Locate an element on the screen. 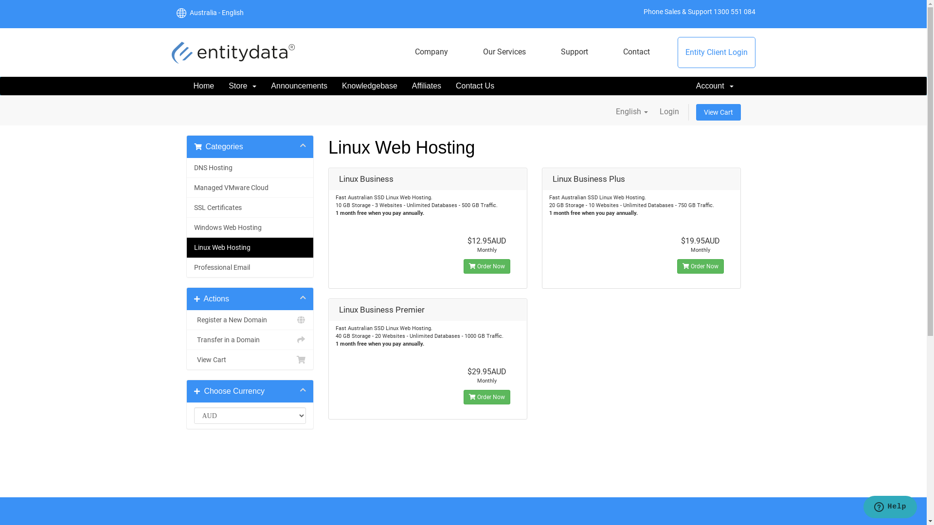 This screenshot has height=525, width=934. 'Store  ' is located at coordinates (221, 86).